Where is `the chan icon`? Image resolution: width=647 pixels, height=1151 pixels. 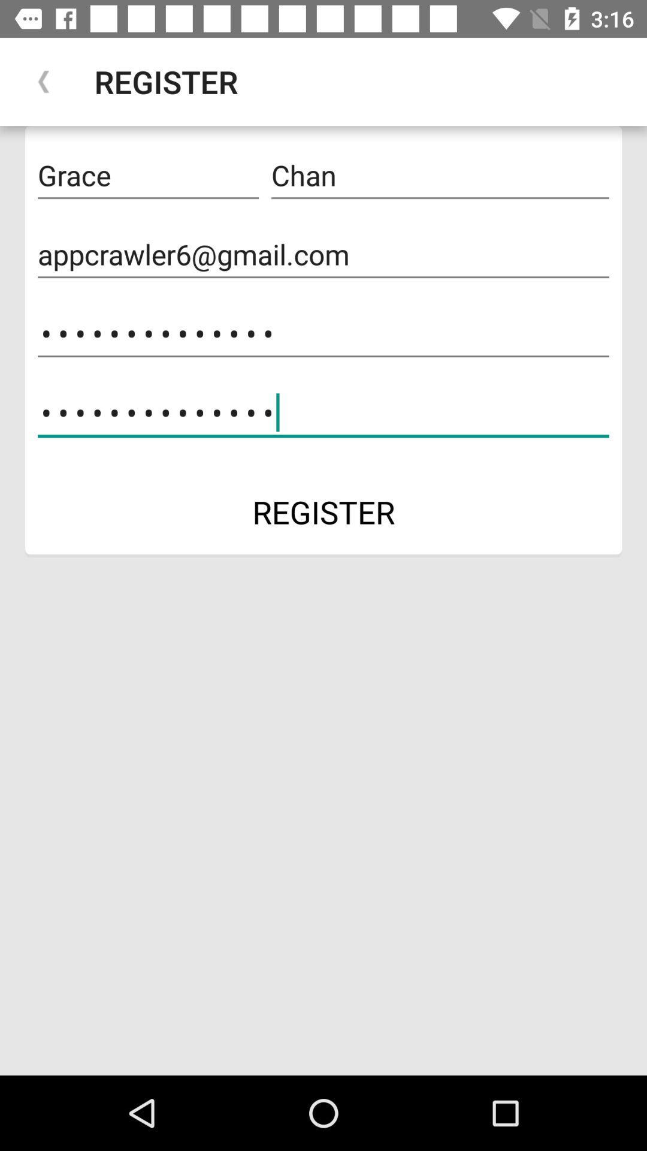
the chan icon is located at coordinates (440, 175).